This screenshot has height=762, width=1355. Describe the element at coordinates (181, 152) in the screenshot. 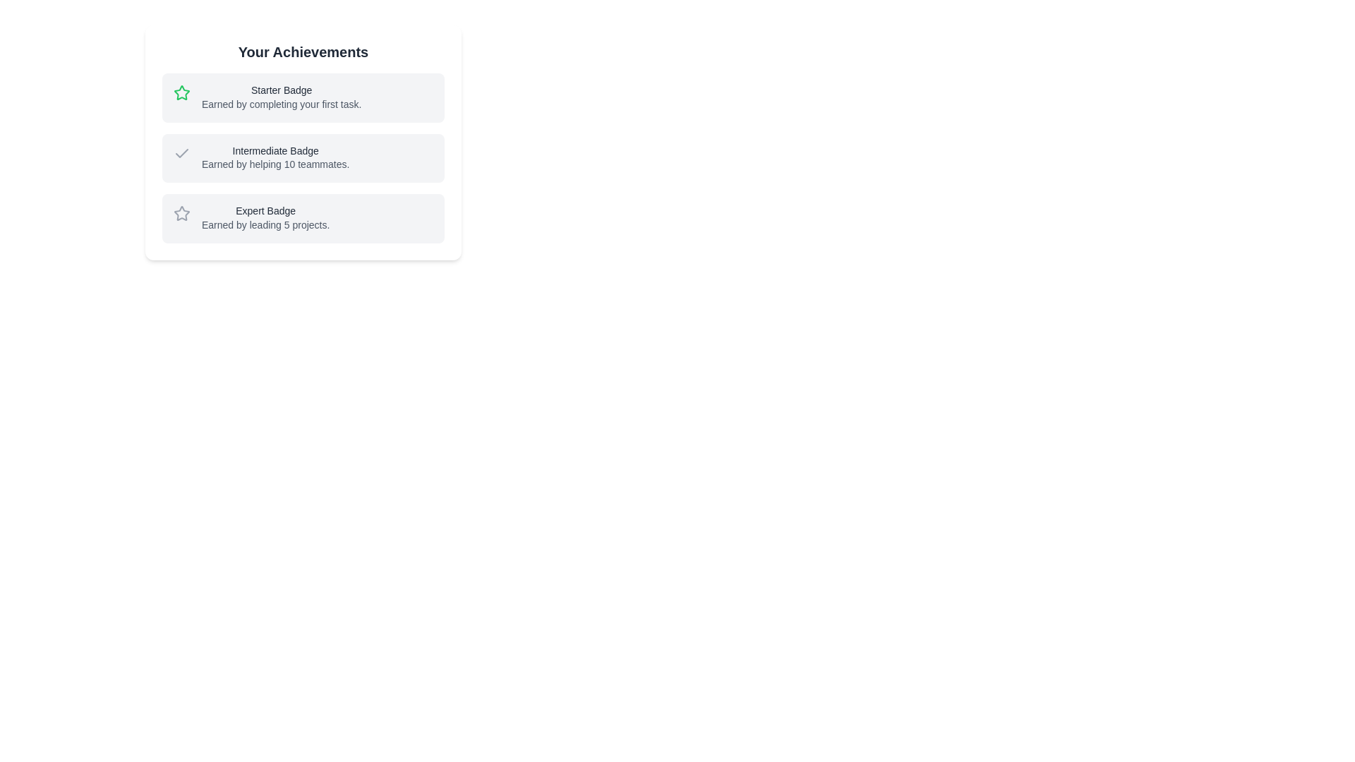

I see `SVG properties of the checkmark icon located beside the 'Intermediate Badge' text in the 'Your Achievements' section` at that location.